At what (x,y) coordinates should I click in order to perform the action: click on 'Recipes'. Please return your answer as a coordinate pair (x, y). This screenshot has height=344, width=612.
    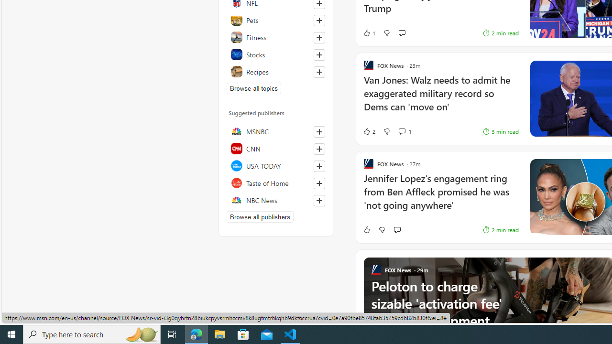
    Looking at the image, I should click on (275, 71).